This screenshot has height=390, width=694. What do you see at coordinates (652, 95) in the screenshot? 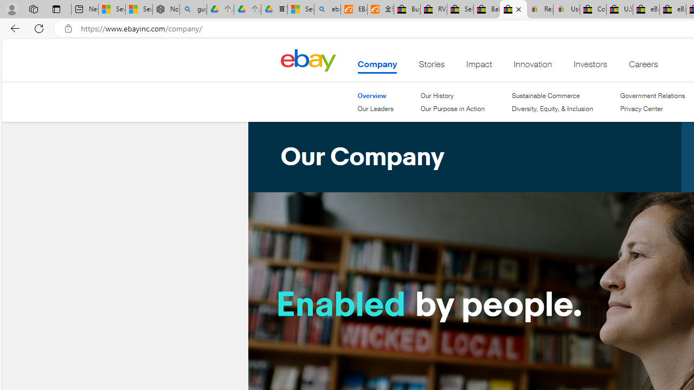
I see `'Government Relations'` at bounding box center [652, 95].